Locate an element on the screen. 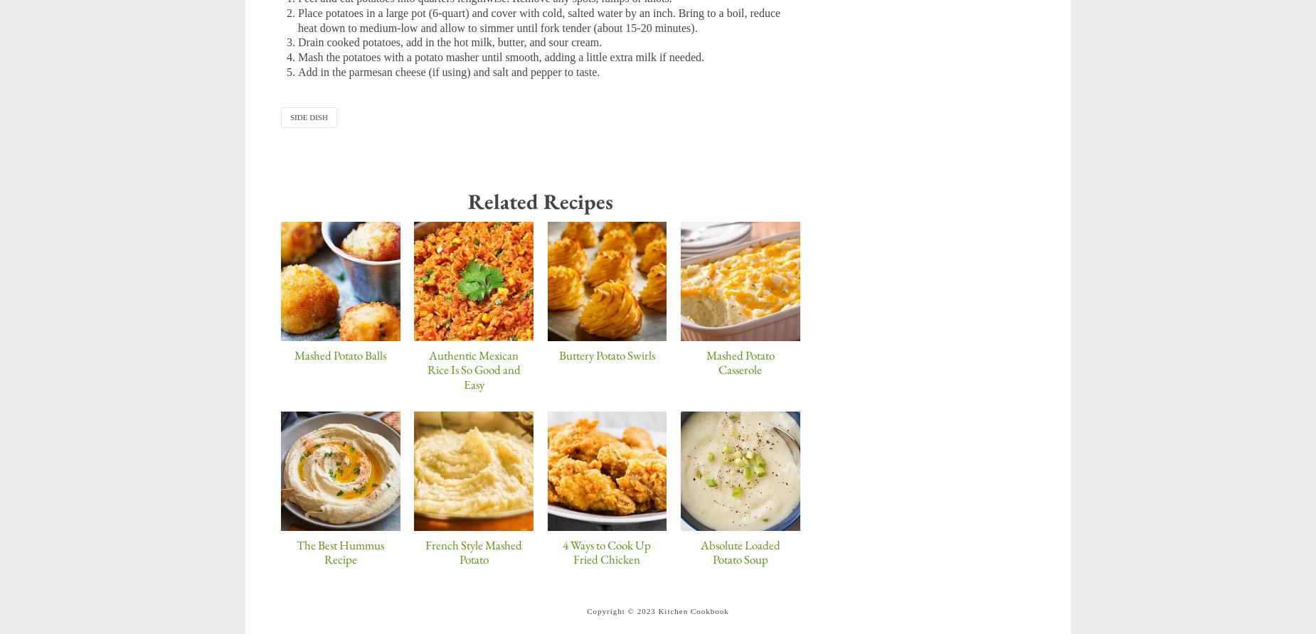 This screenshot has height=634, width=1316. 'Copyright © 2023 Kitchen Cookbook' is located at coordinates (657, 609).